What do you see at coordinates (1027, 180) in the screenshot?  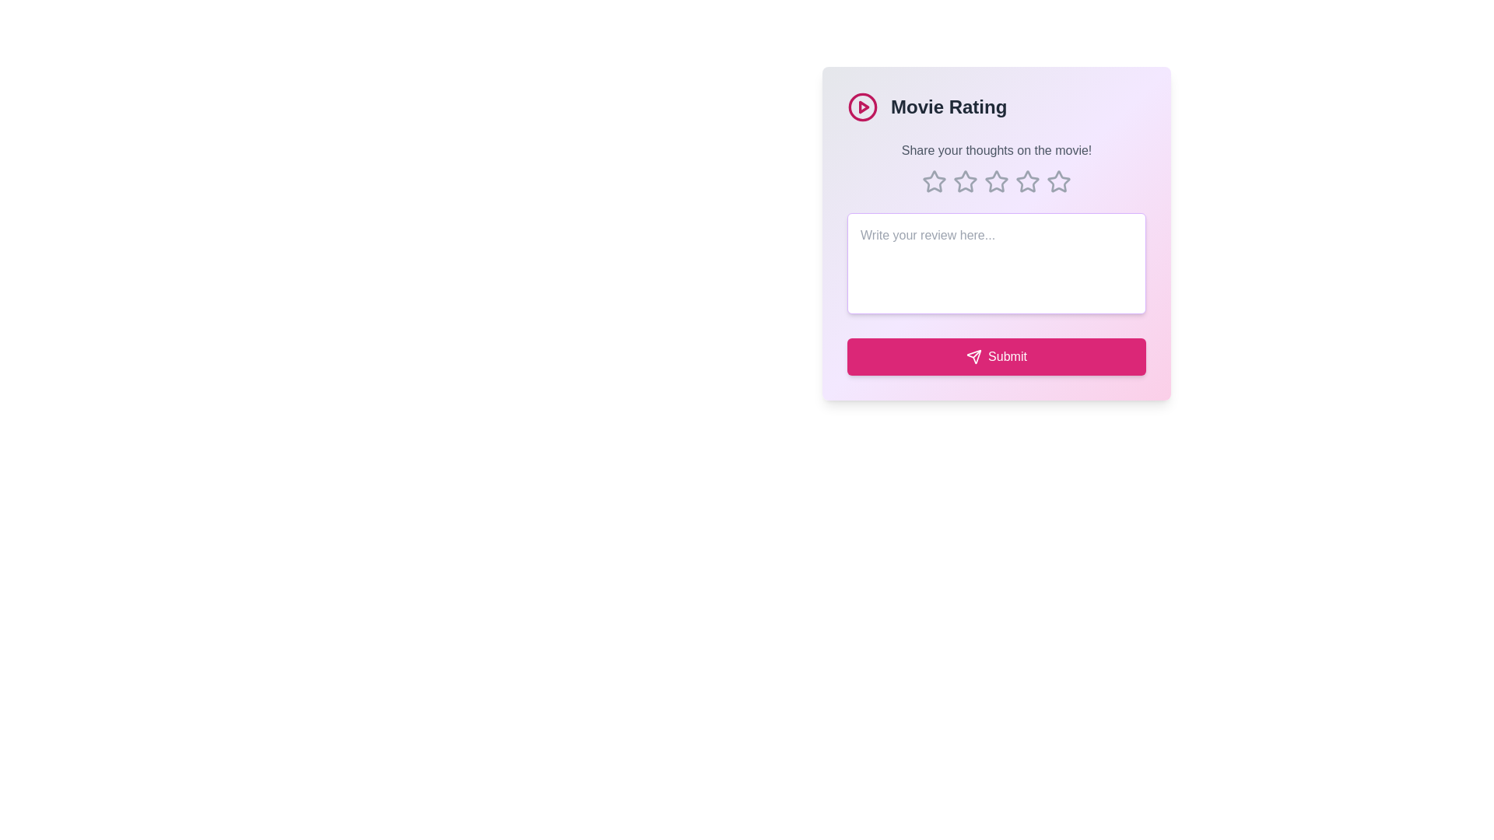 I see `the third star-shaped icon in the horizontal row of five identical icons, which is located on a faint purple panel below the title 'Movie Rating'` at bounding box center [1027, 180].